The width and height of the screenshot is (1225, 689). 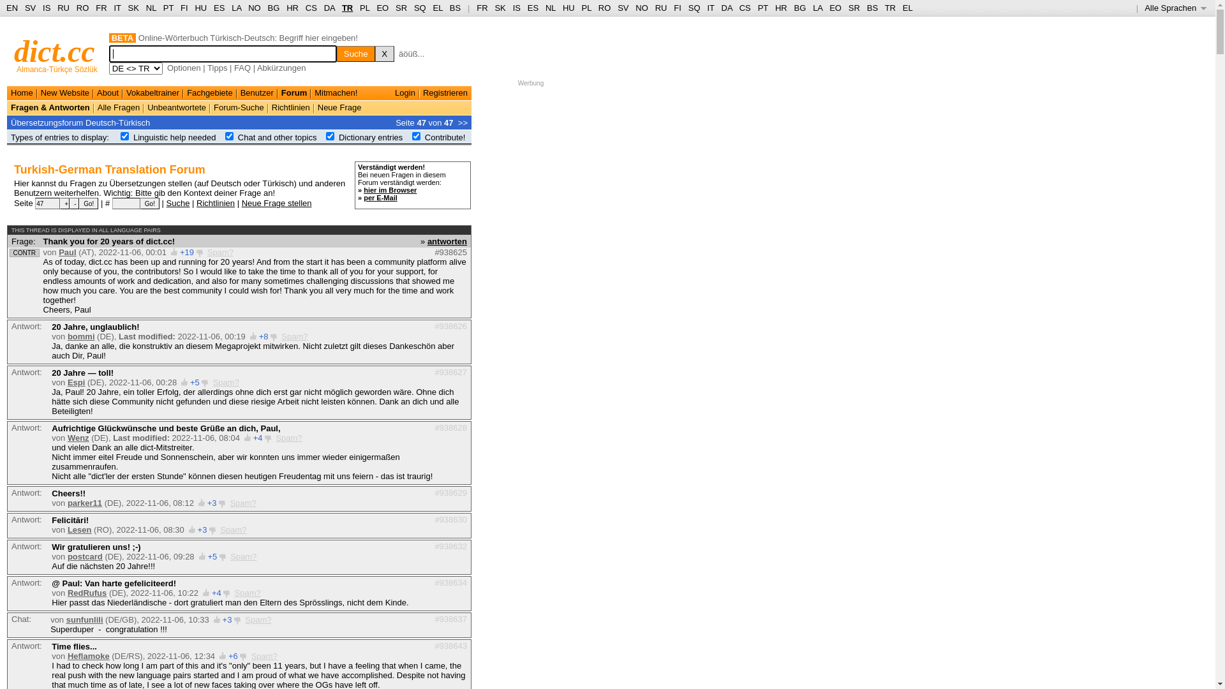 I want to click on 'TR', so click(x=342, y=8).